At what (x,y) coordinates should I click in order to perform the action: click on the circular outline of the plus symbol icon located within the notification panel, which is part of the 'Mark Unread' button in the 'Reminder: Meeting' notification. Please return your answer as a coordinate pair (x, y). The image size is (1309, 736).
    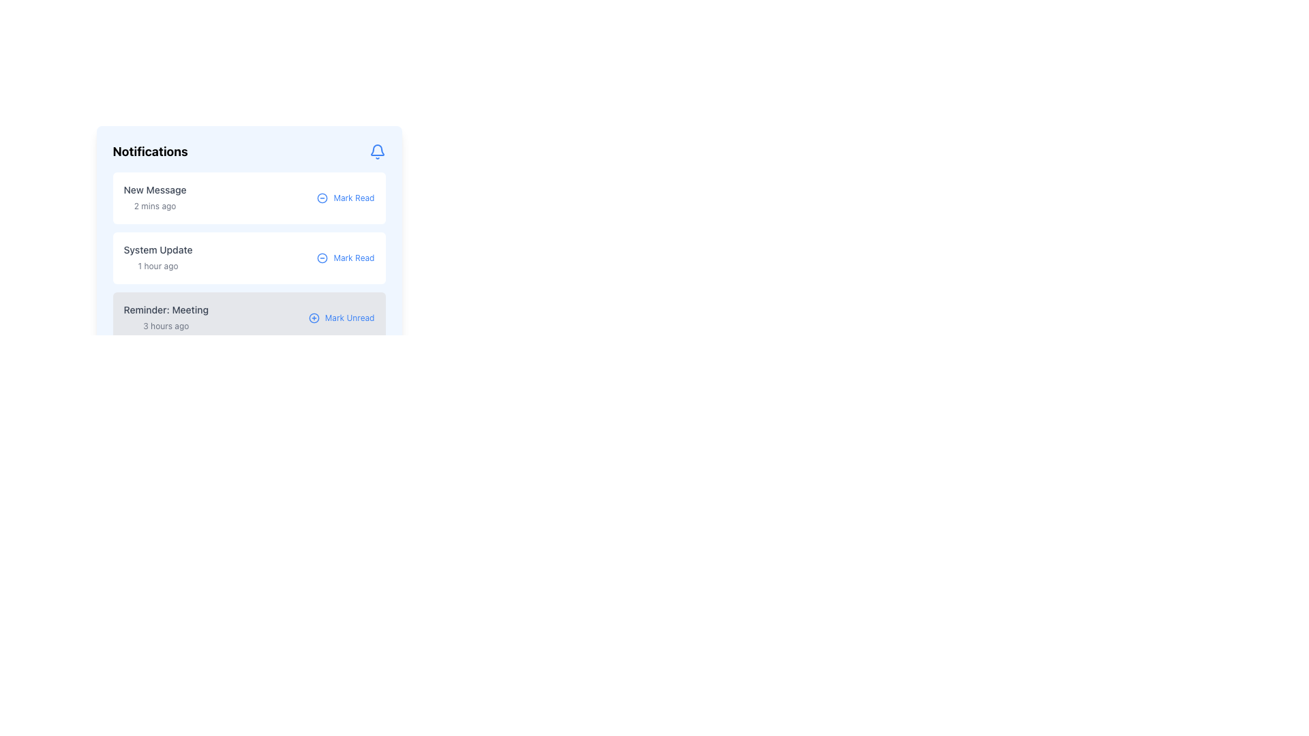
    Looking at the image, I should click on (313, 318).